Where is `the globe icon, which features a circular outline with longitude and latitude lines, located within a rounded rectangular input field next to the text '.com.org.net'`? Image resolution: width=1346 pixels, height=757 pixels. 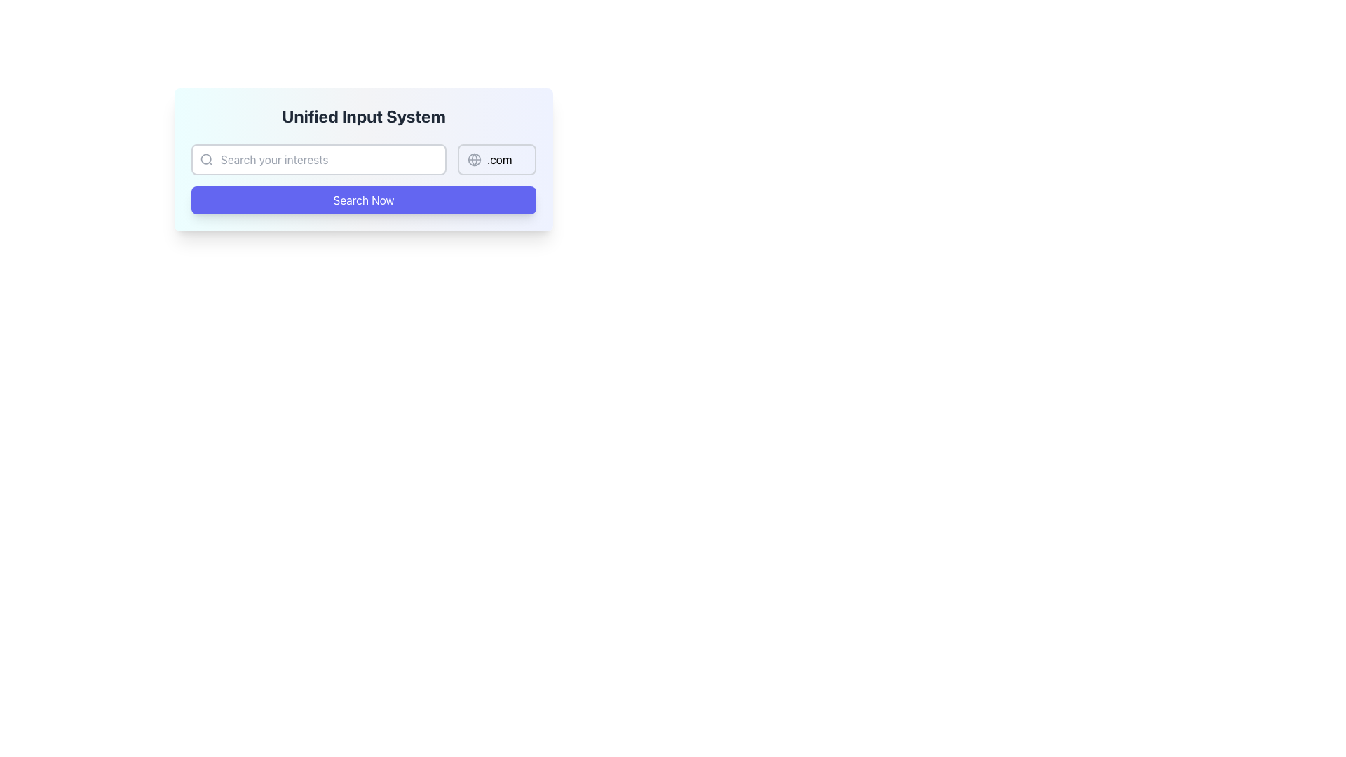
the globe icon, which features a circular outline with longitude and latitude lines, located within a rounded rectangular input field next to the text '.com.org.net' is located at coordinates (474, 158).